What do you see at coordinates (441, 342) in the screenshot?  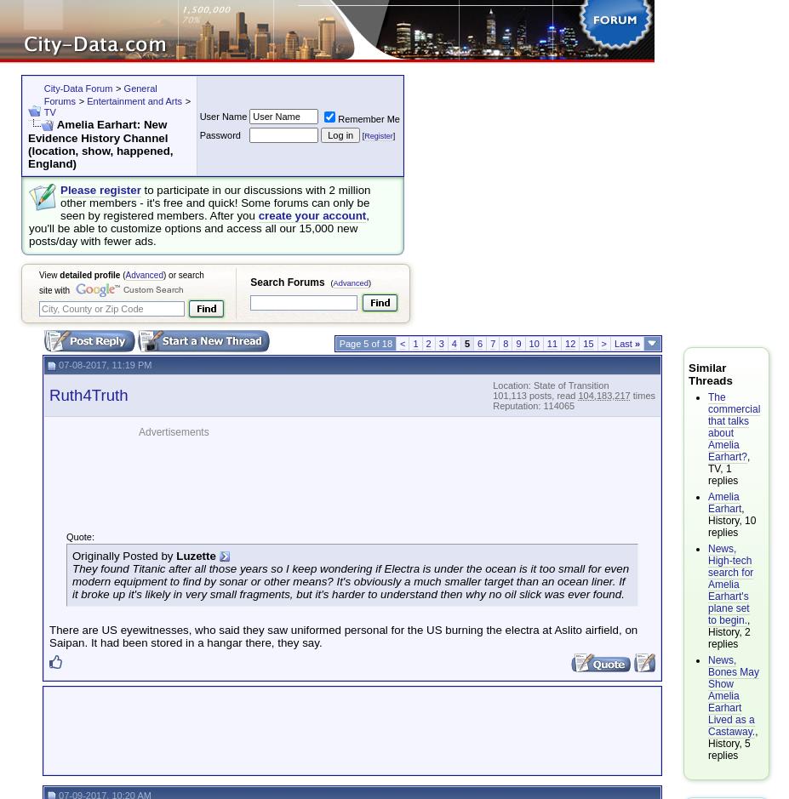 I see `'3'` at bounding box center [441, 342].